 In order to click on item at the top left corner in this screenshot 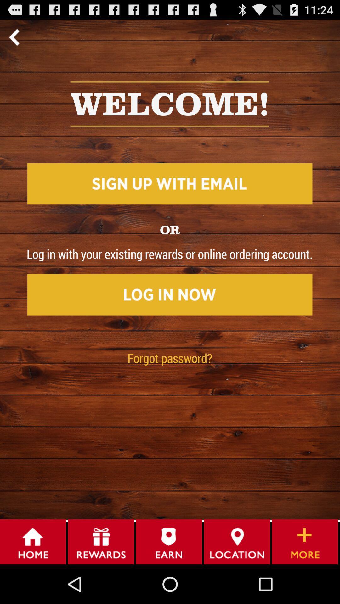, I will do `click(14, 37)`.